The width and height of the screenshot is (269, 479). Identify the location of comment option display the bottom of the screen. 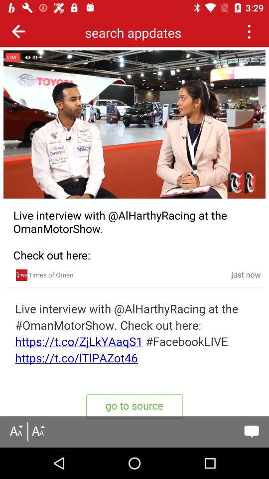
(251, 431).